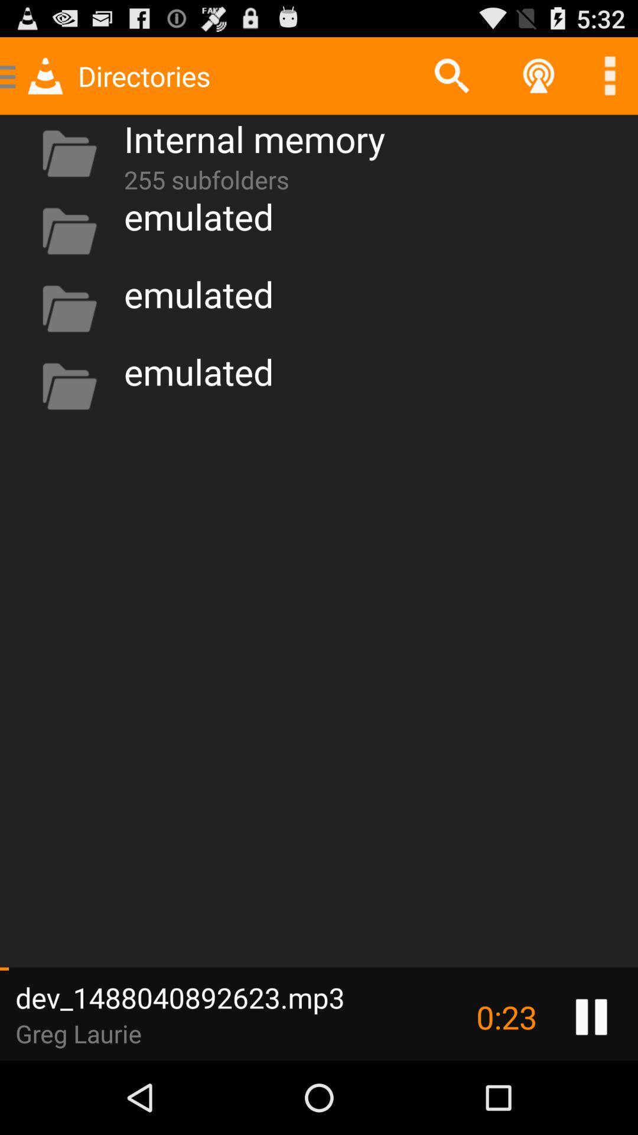 This screenshot has height=1135, width=638. Describe the element at coordinates (610, 75) in the screenshot. I see `more options button` at that location.